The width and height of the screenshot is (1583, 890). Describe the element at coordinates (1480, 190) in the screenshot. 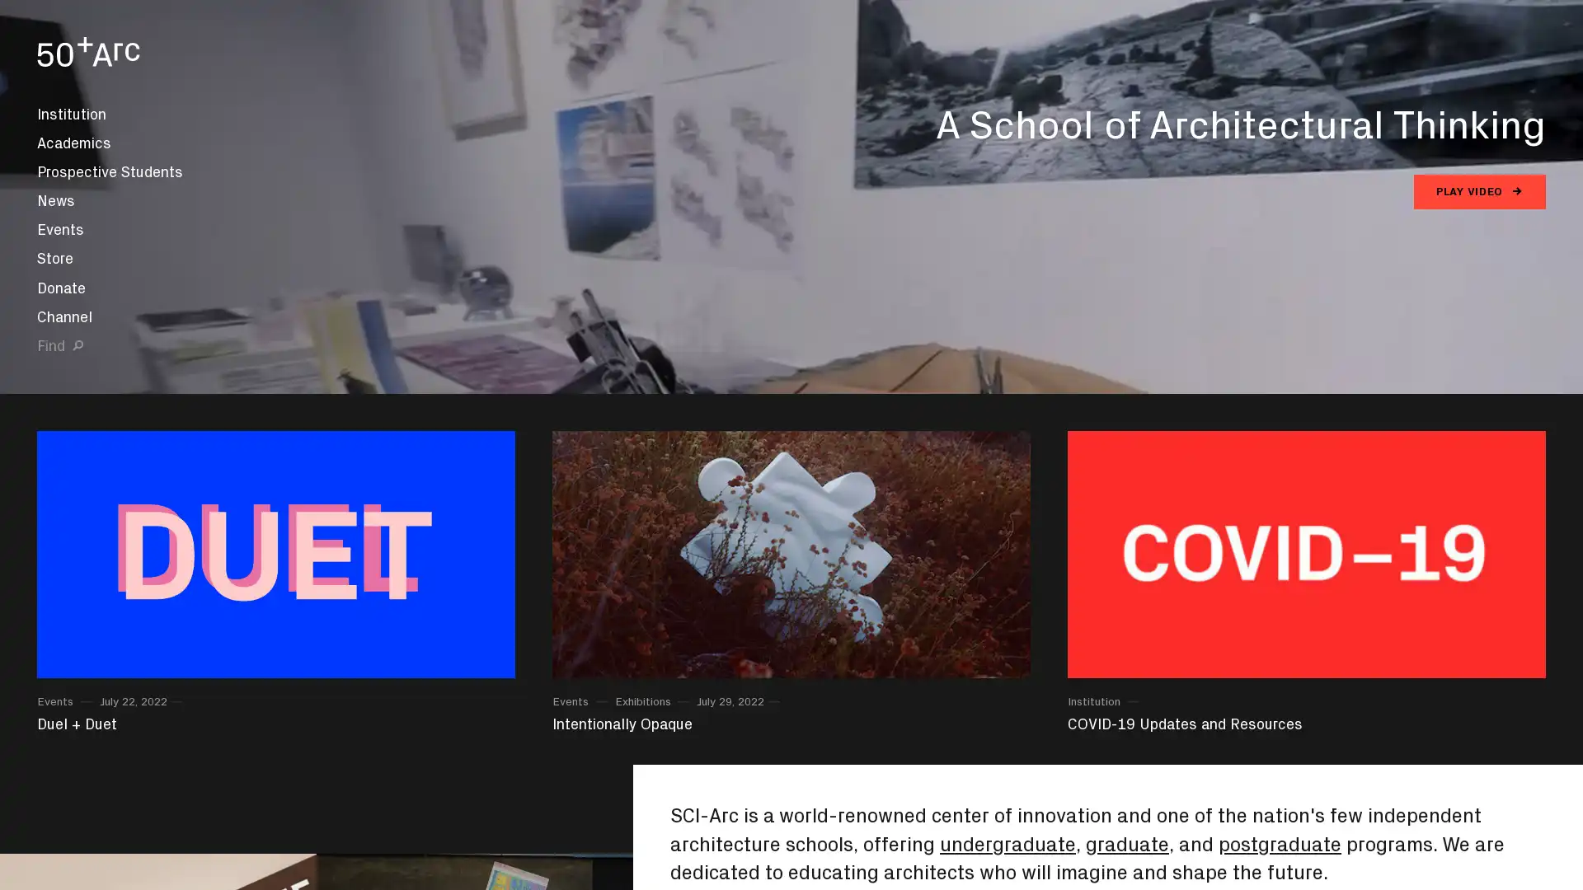

I see `PLAY VIDEO` at that location.